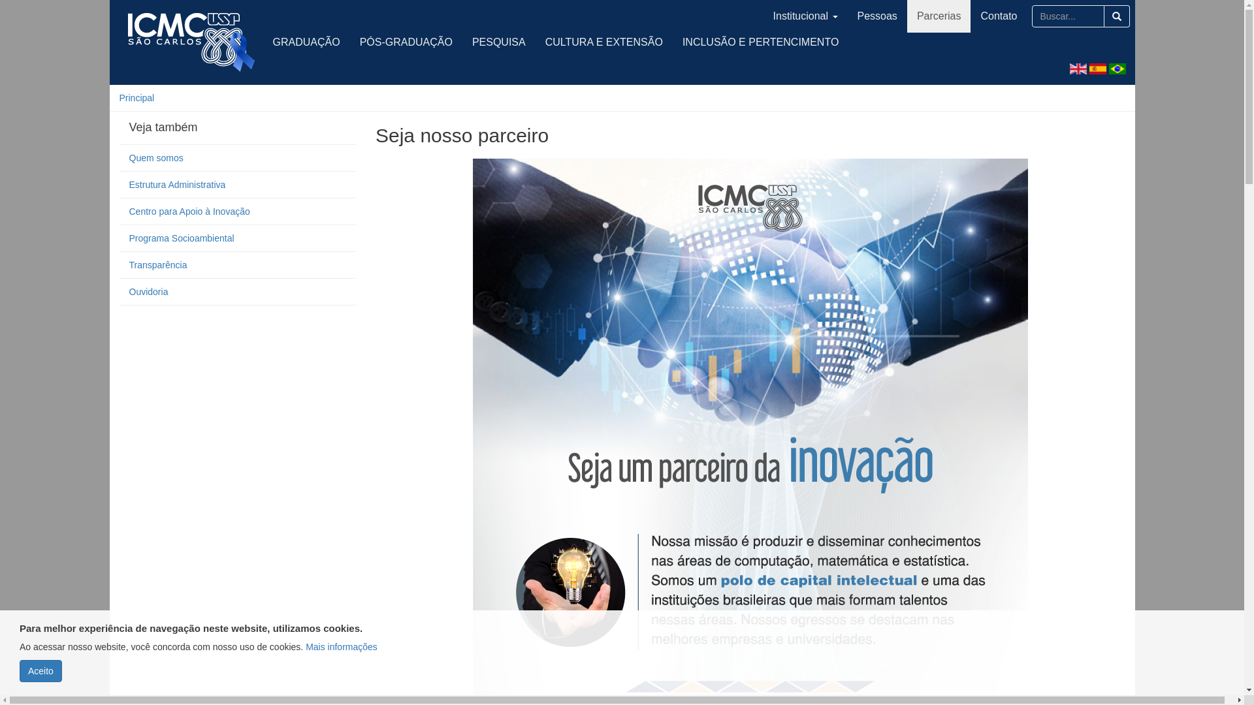 The height and width of the screenshot is (705, 1254). Describe the element at coordinates (1078, 69) in the screenshot. I see `'English'` at that location.